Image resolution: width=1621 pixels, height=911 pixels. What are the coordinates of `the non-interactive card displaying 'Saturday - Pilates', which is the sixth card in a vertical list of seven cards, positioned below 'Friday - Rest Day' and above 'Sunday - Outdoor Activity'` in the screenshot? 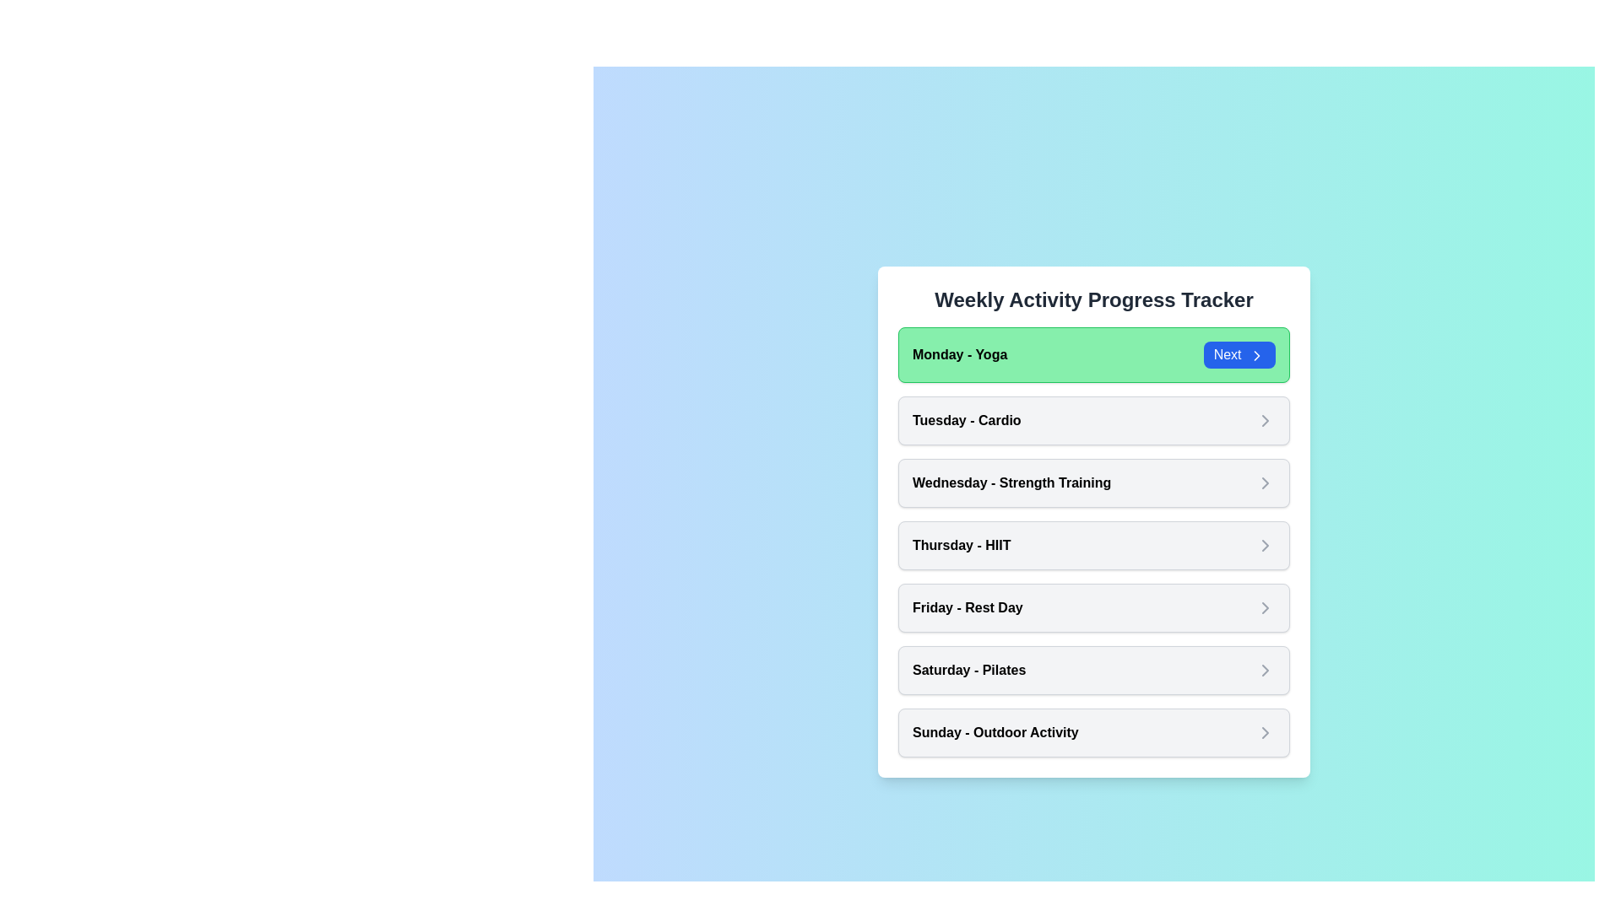 It's located at (1094, 669).